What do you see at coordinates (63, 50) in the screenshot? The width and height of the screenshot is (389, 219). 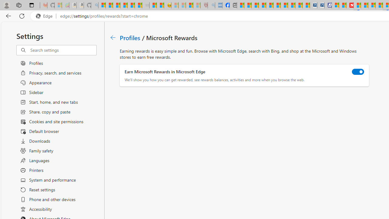 I see `'Search settings'` at bounding box center [63, 50].